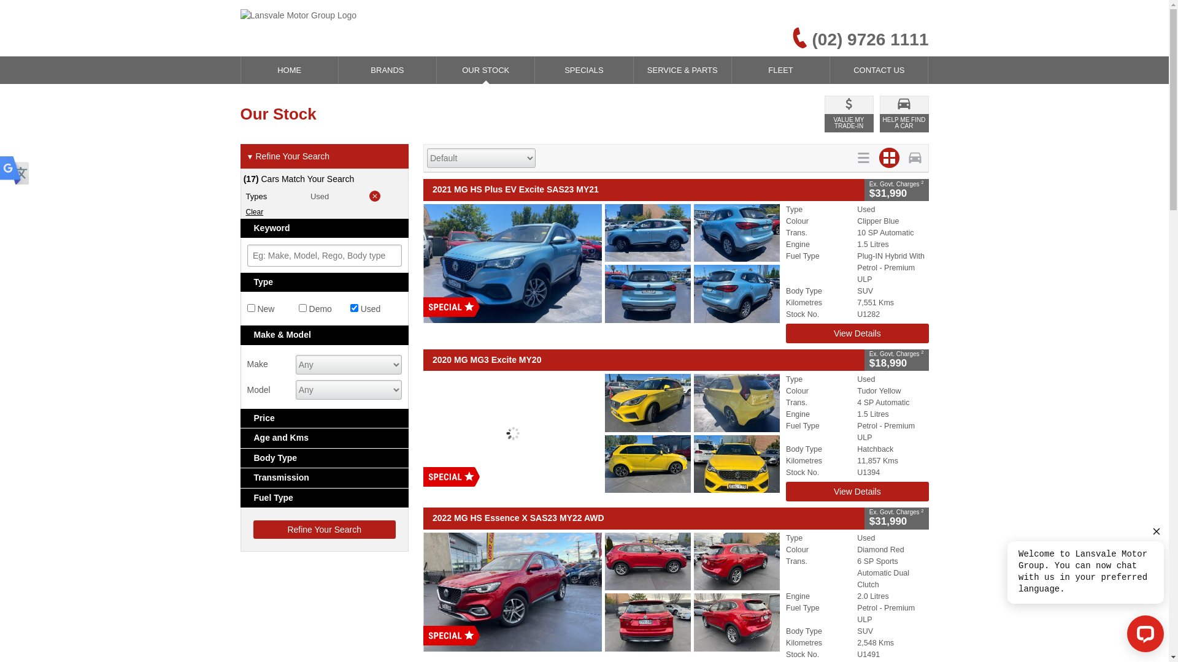 This screenshot has height=662, width=1178. What do you see at coordinates (601, 590) in the screenshot?
I see `'2022 MG HS Essence X SAS23 MY22 AWD Diamond Red'` at bounding box center [601, 590].